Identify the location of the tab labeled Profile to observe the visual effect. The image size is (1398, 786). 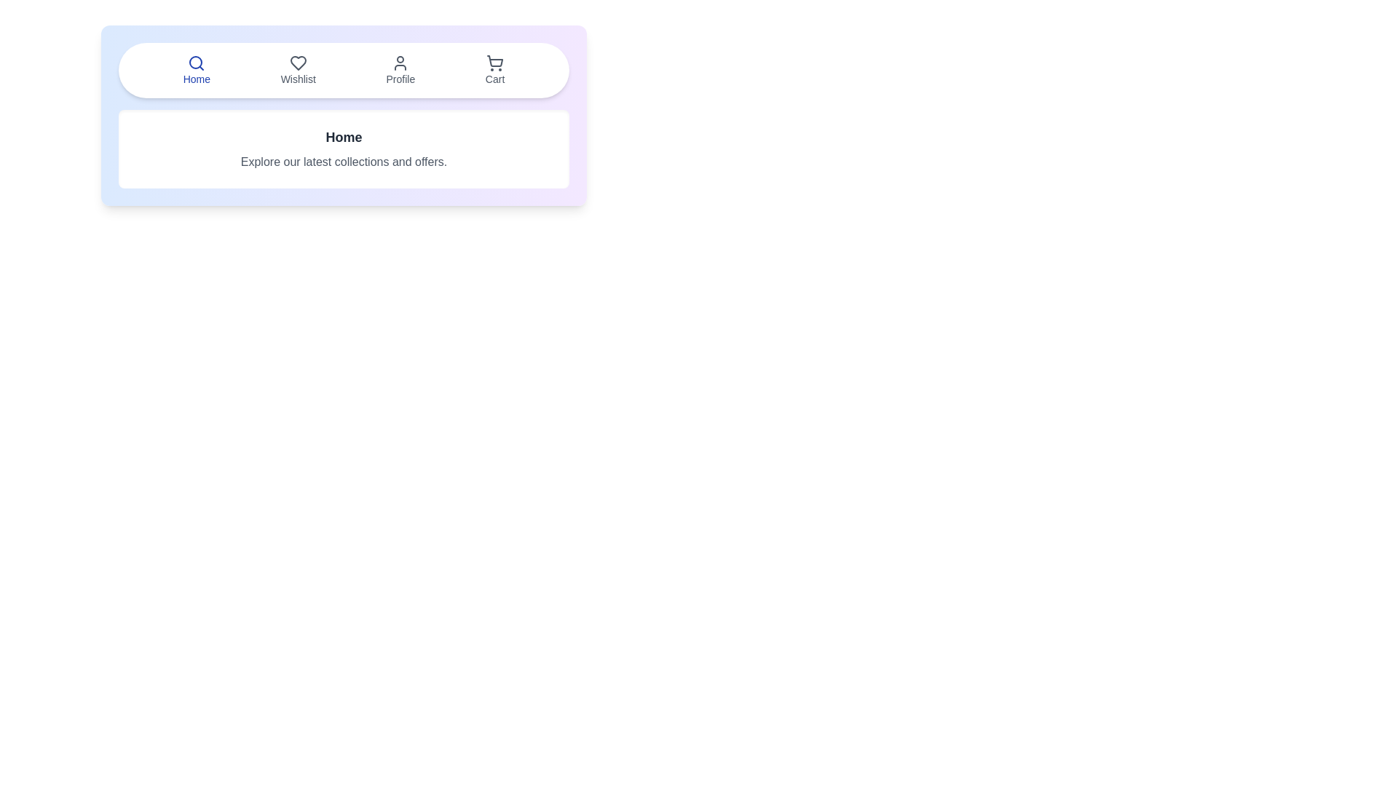
(400, 70).